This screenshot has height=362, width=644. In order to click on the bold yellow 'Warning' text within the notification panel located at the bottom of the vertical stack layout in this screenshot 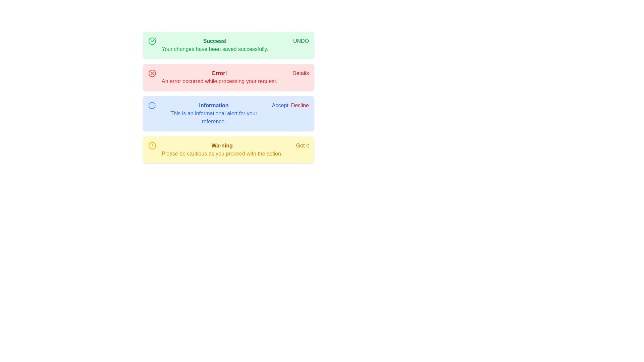, I will do `click(222, 145)`.